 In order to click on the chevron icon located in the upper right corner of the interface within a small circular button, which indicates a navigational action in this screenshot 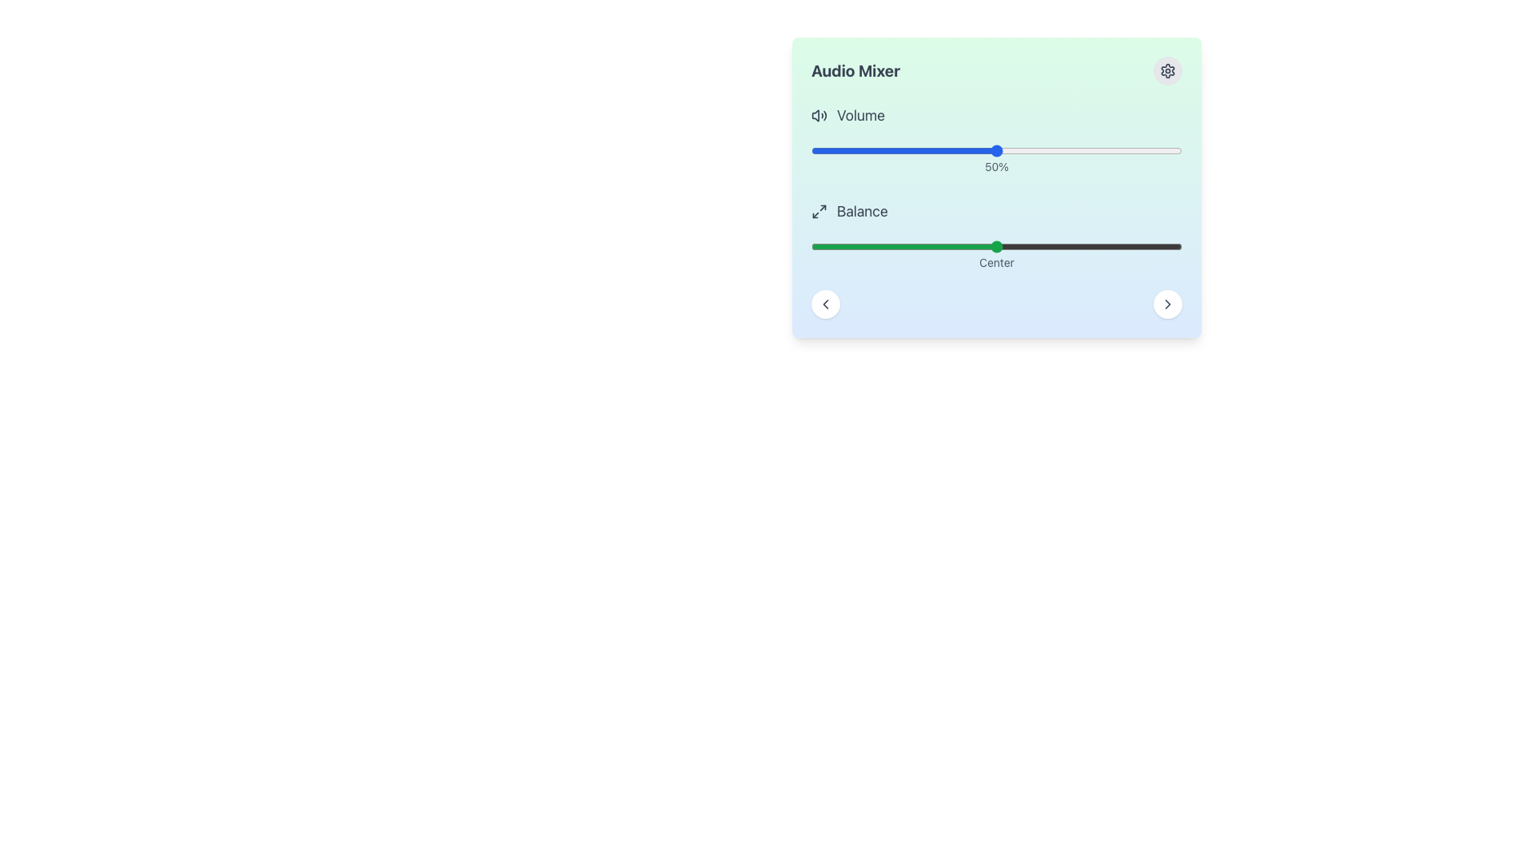, I will do `click(1167, 304)`.